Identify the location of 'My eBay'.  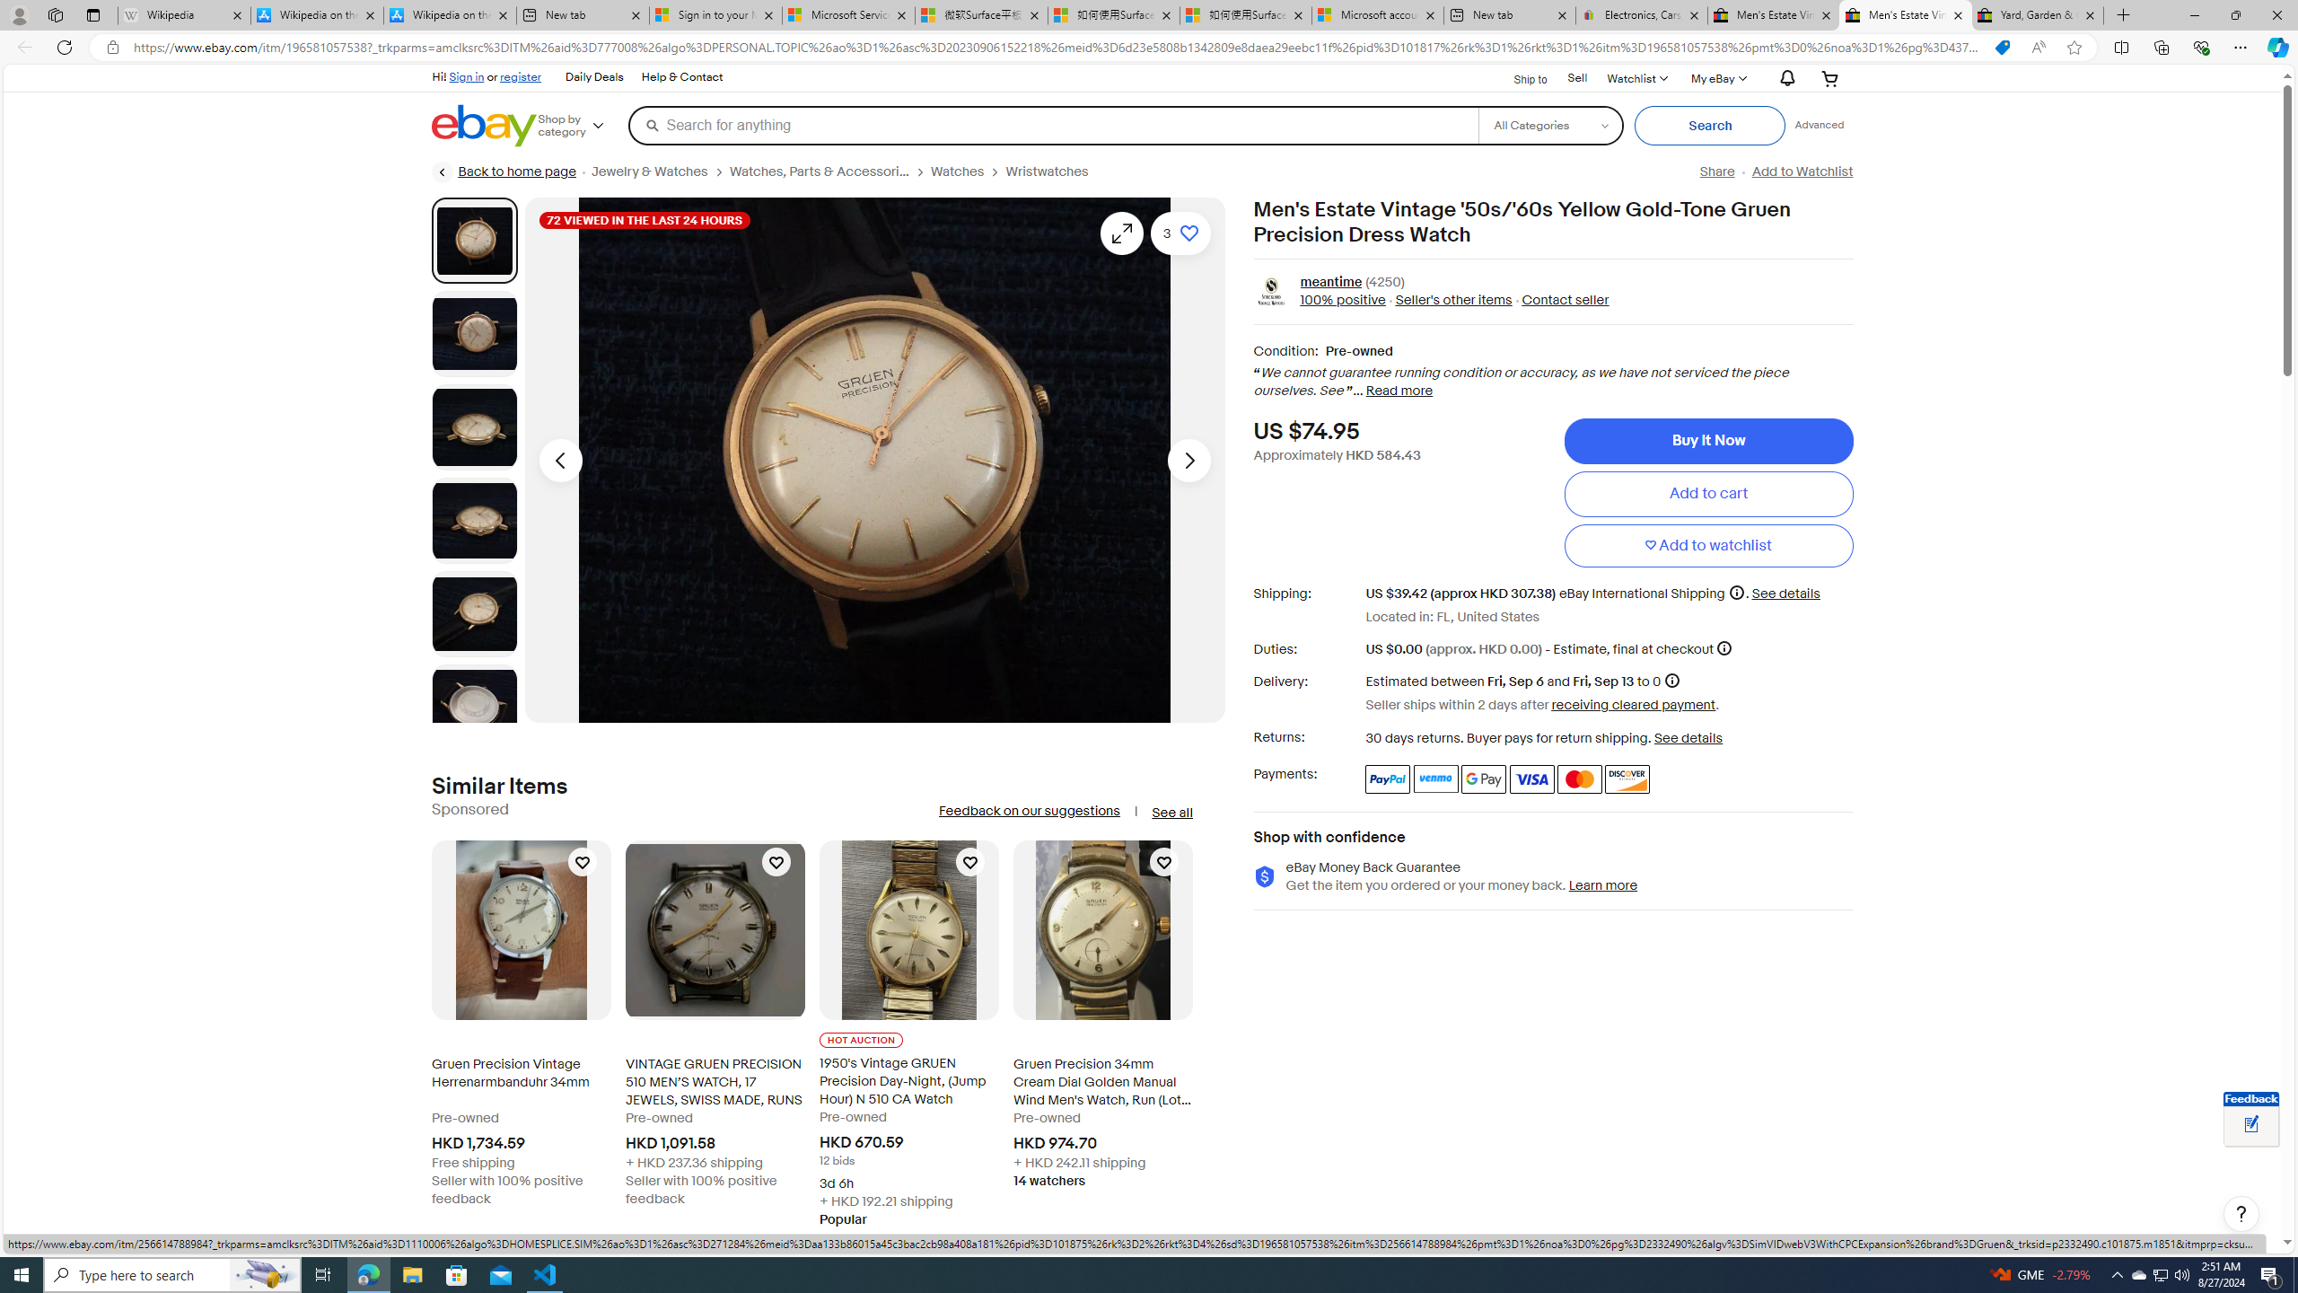
(1716, 78).